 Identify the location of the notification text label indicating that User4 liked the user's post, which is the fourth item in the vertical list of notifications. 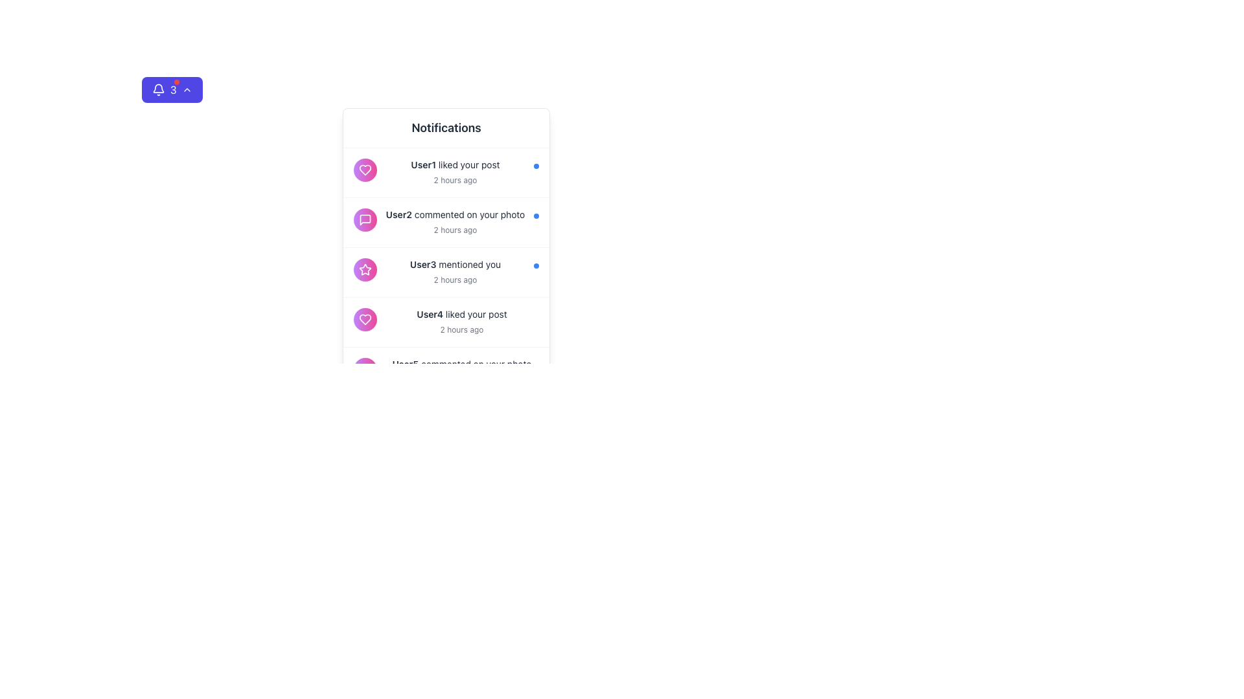
(462, 321).